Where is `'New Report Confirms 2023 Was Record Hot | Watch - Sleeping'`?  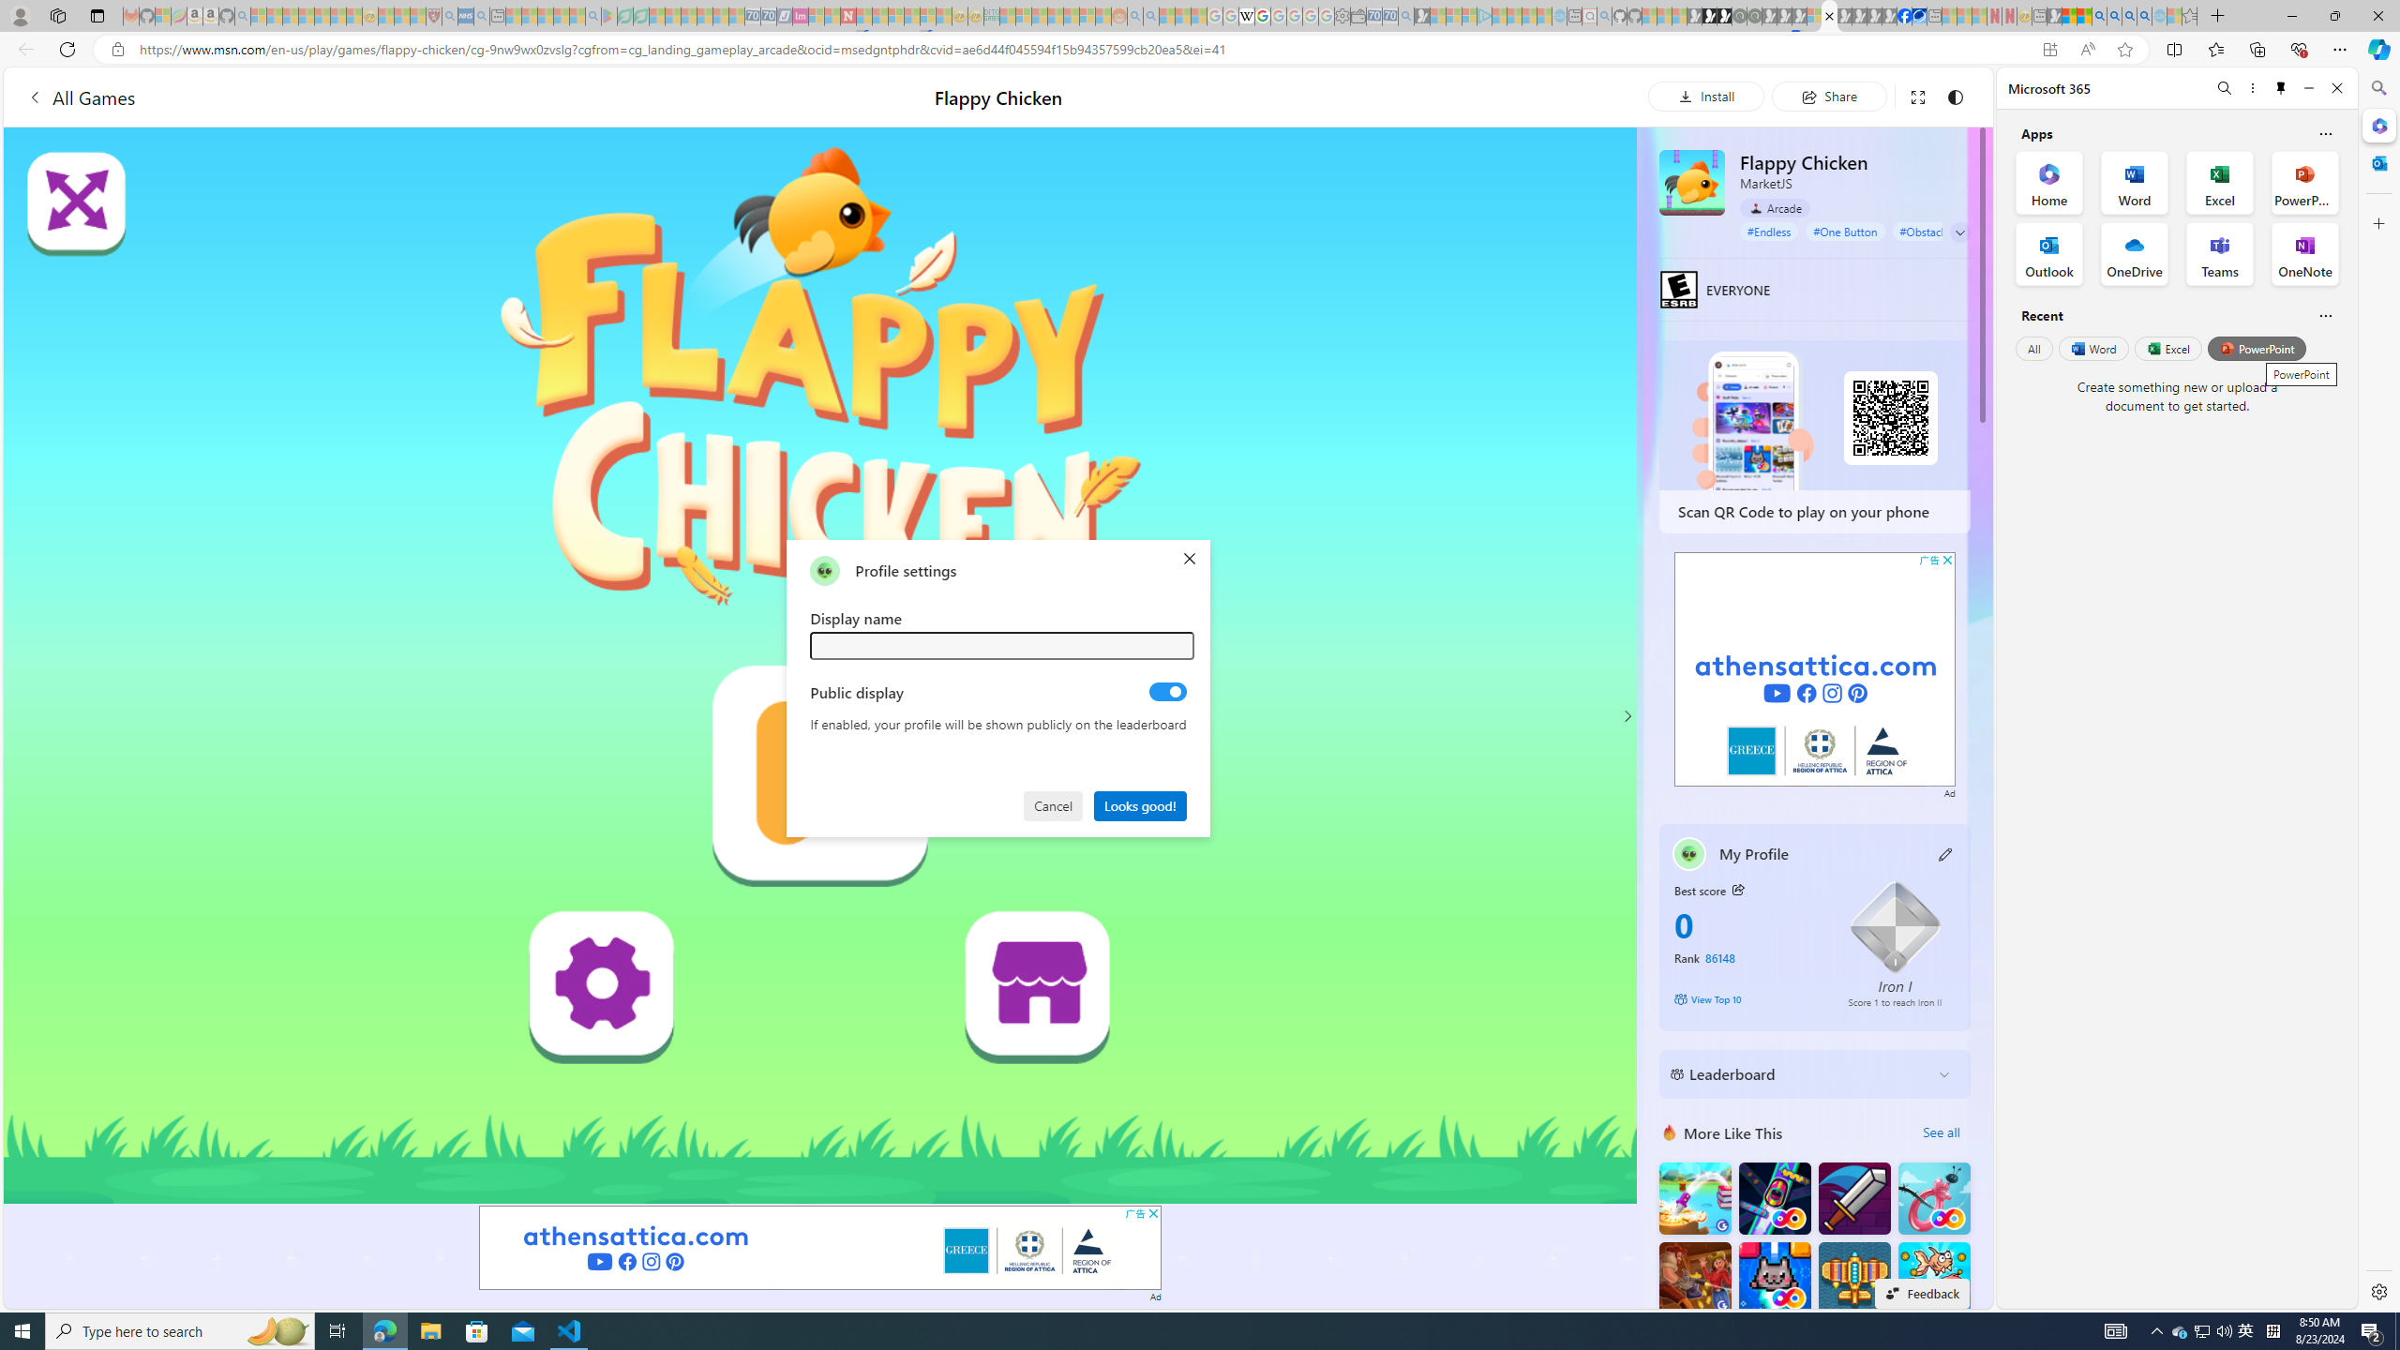 'New Report Confirms 2023 Was Record Hot | Watch - Sleeping' is located at coordinates (322, 15).